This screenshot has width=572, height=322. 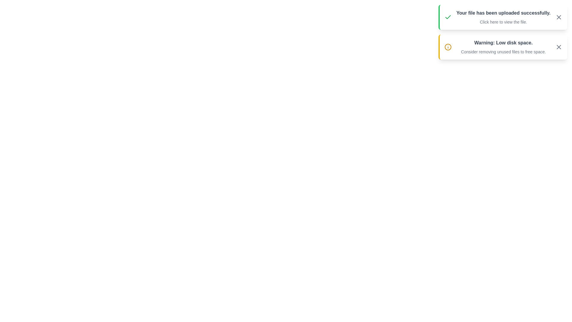 I want to click on the 'Click here to view the file' link in the success notification, so click(x=503, y=21).